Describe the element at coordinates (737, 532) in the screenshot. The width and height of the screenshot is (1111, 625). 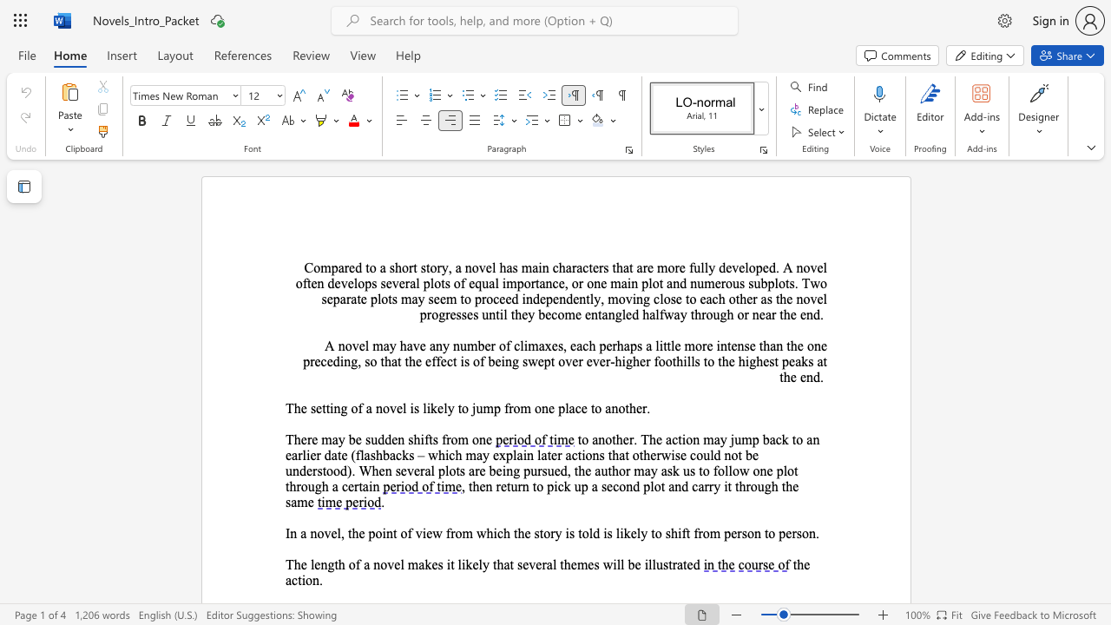
I see `the subset text "rson to person" within the text "In a novel, the point of view from which the story is told is likely to shift from person to person."` at that location.